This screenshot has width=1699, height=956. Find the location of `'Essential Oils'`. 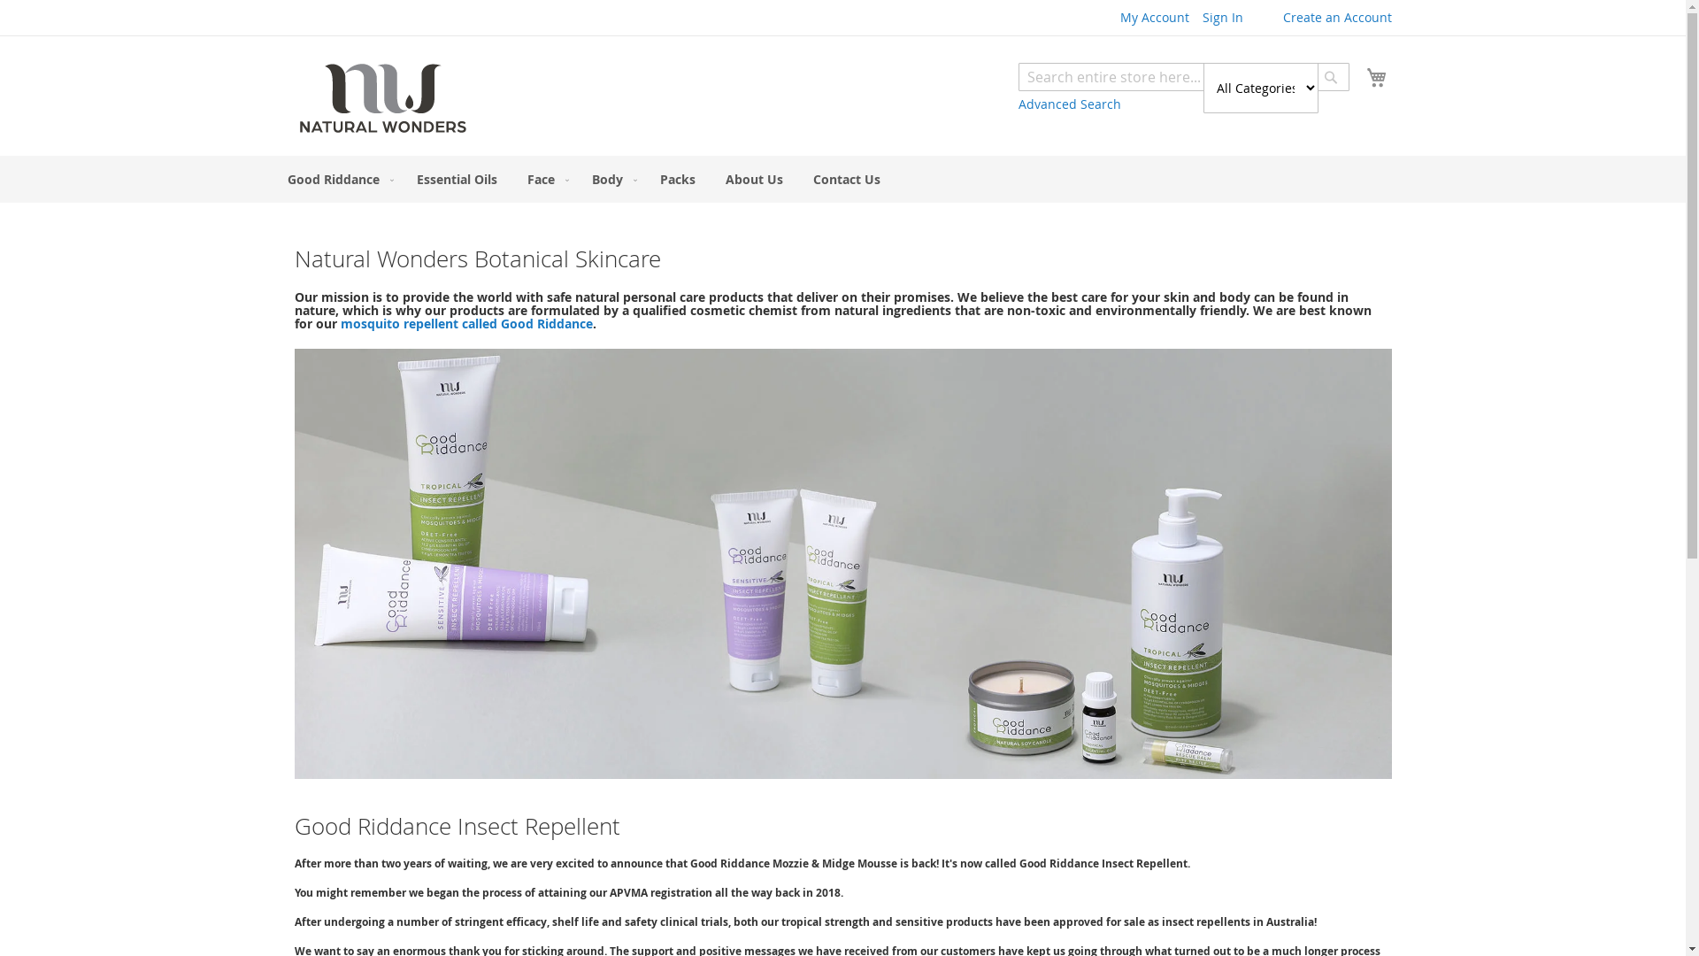

'Essential Oils' is located at coordinates (456, 179).